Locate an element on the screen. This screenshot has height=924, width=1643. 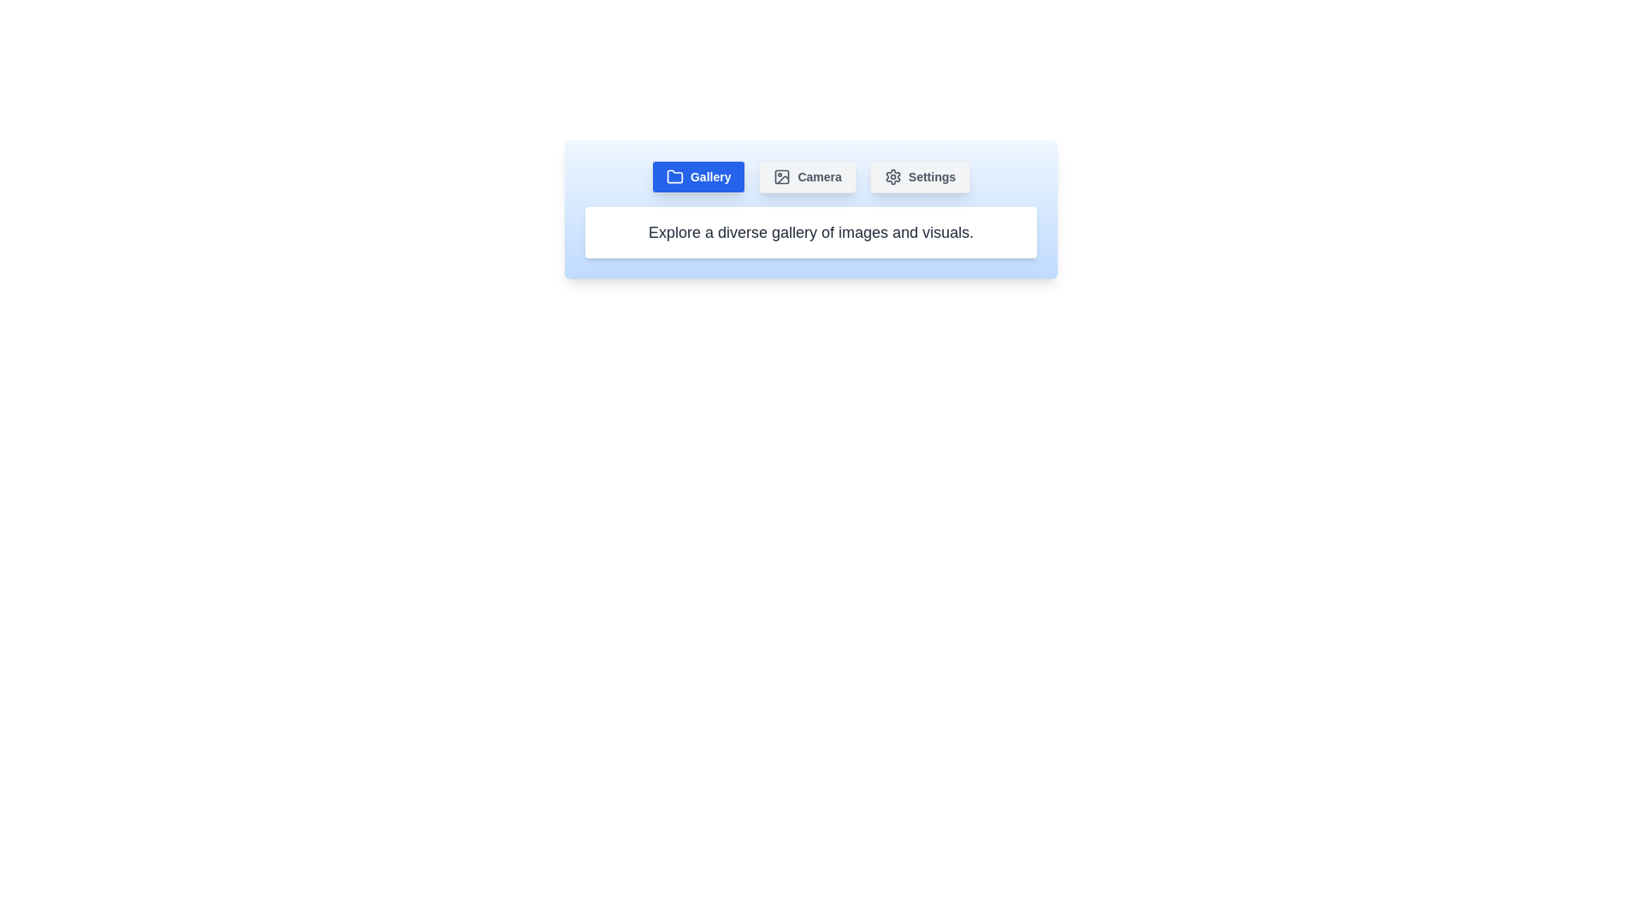
the middle button in the horizontal group of three buttons is located at coordinates (807, 177).